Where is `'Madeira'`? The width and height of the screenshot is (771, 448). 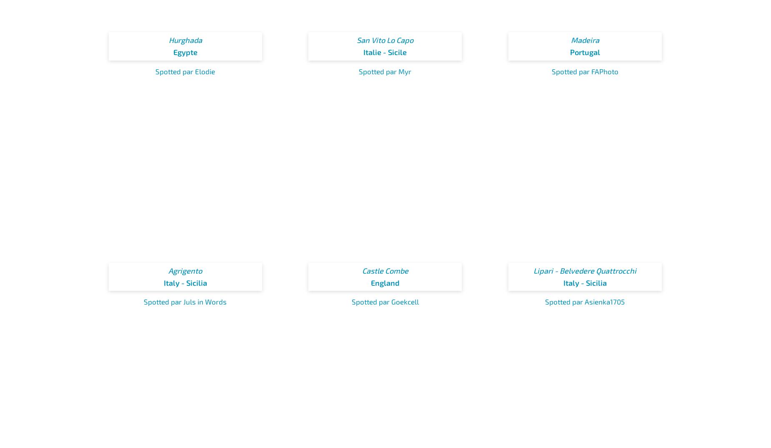
'Madeira' is located at coordinates (585, 40).